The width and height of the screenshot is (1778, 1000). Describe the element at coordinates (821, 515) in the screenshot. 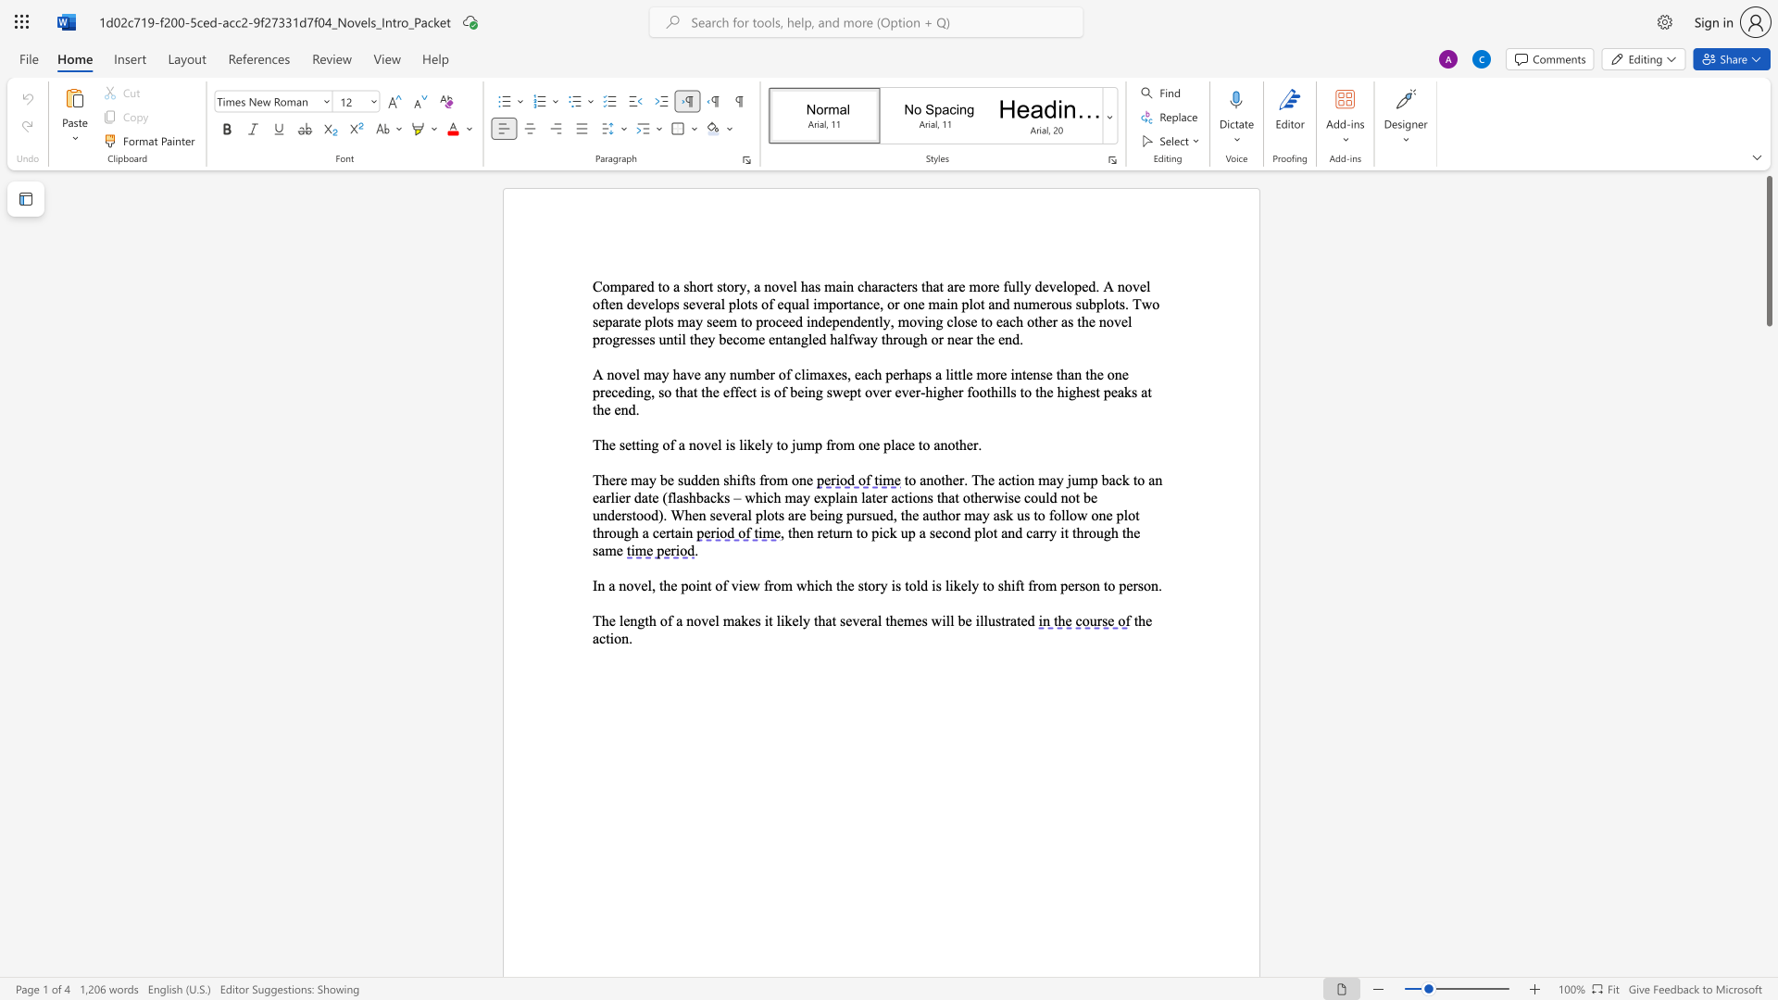

I see `the space between the continuous character "e" and "i" in the text` at that location.